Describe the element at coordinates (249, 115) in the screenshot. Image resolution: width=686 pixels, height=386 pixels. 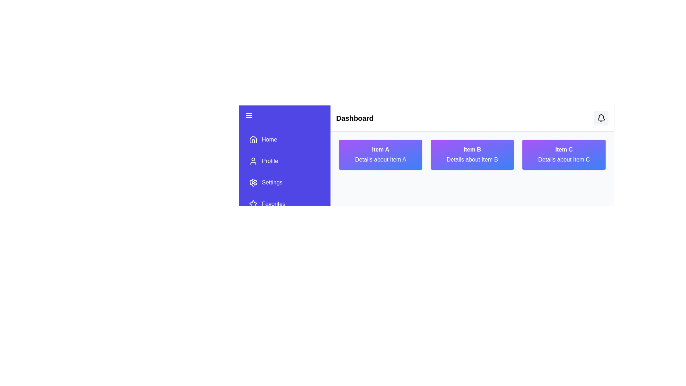
I see `the icon button with three horizontal white lines on a purple background` at that location.